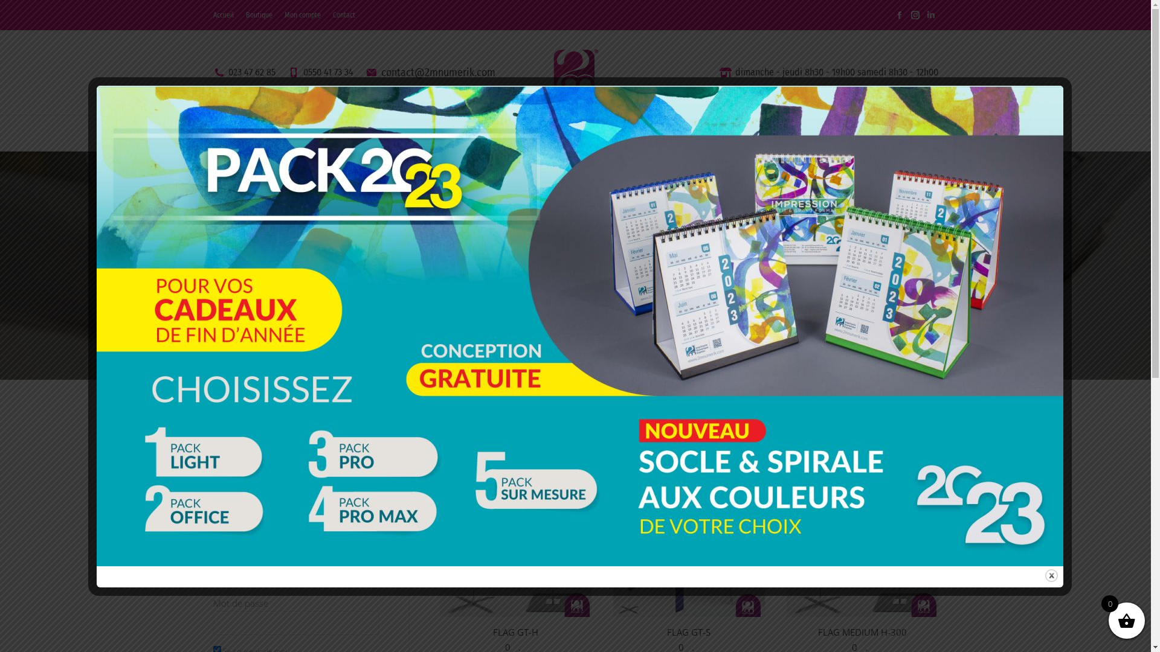 This screenshot has height=652, width=1160. I want to click on 'FLAG MEDIUM H-300', so click(862, 631).